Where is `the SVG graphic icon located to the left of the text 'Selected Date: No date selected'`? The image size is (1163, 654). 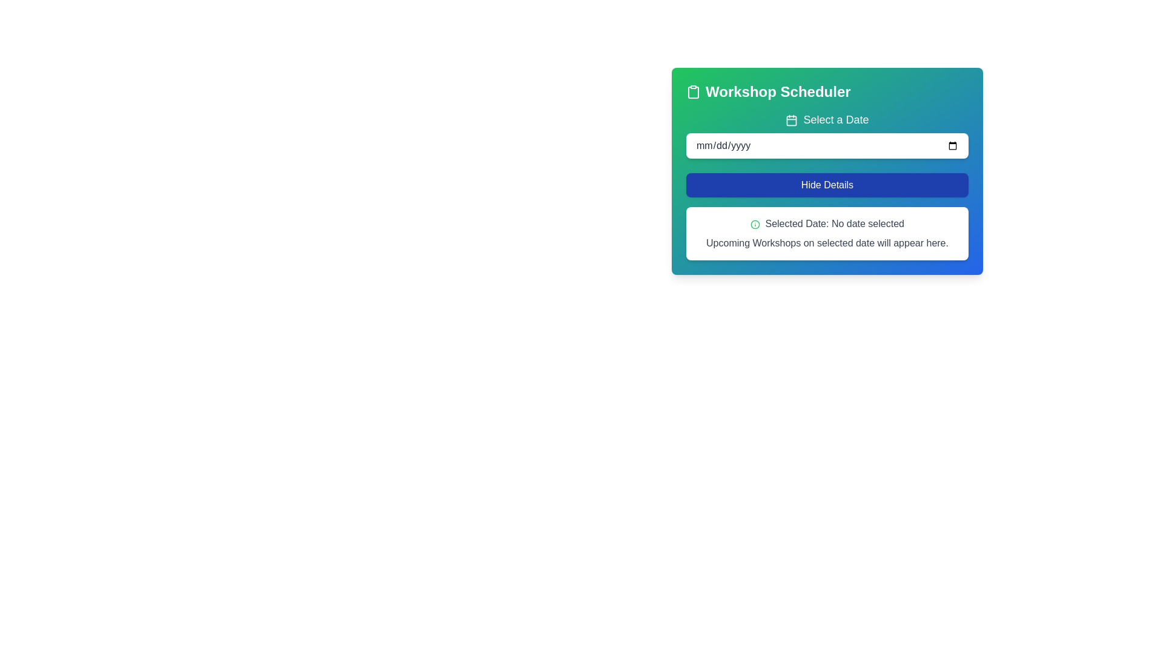 the SVG graphic icon located to the left of the text 'Selected Date: No date selected' is located at coordinates (755, 224).